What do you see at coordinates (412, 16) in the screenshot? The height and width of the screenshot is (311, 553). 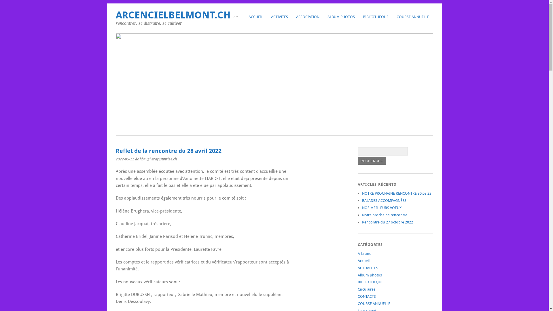 I see `'COURSE ANNUELLE'` at bounding box center [412, 16].